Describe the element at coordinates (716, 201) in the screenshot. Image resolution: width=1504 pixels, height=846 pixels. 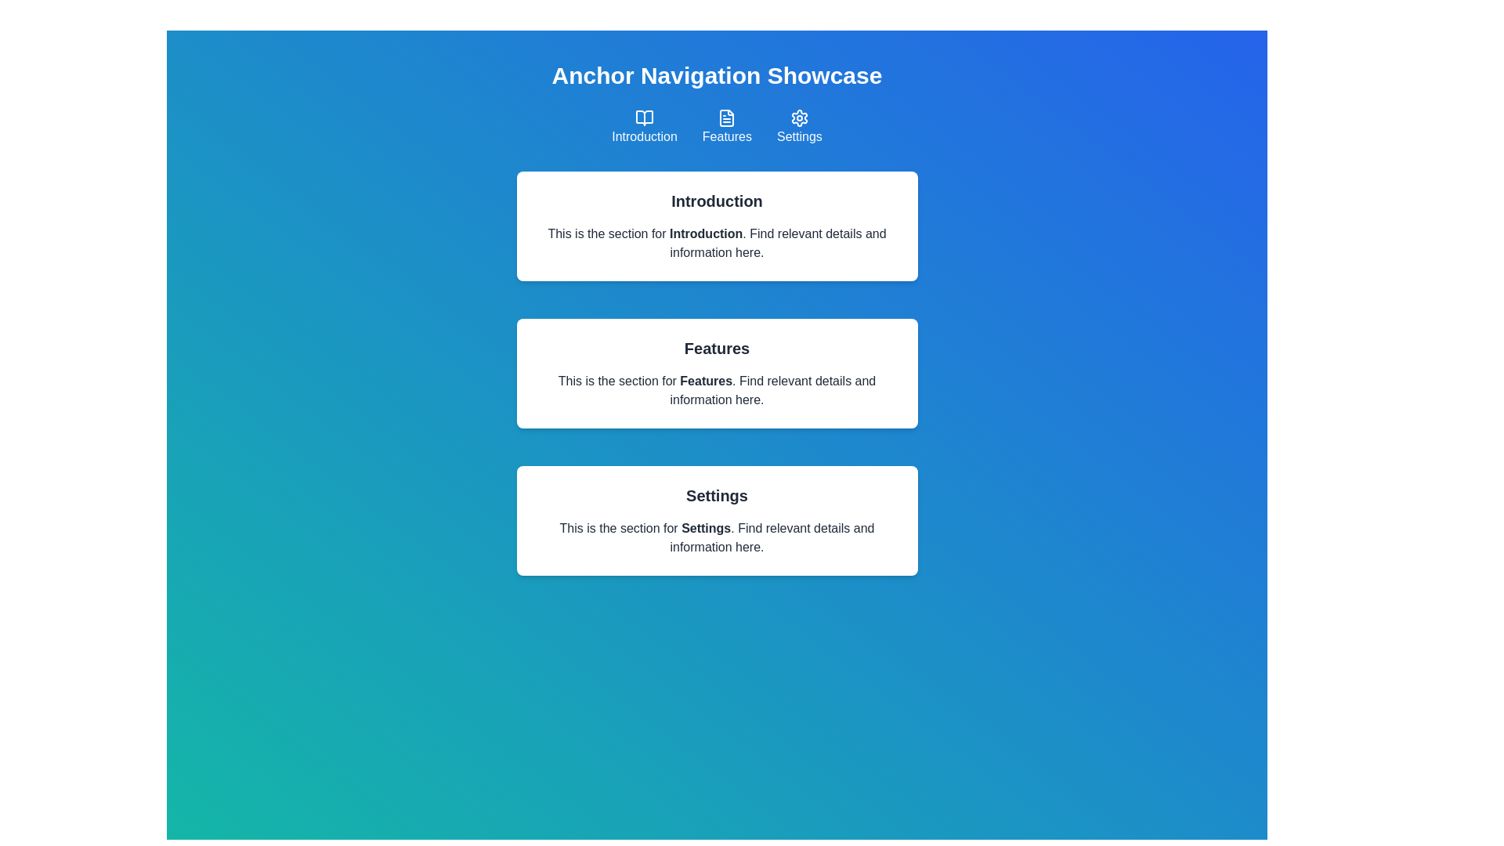
I see `the bold textual heading displaying the word 'Introduction' that is prominently styled at the top of its section block` at that location.